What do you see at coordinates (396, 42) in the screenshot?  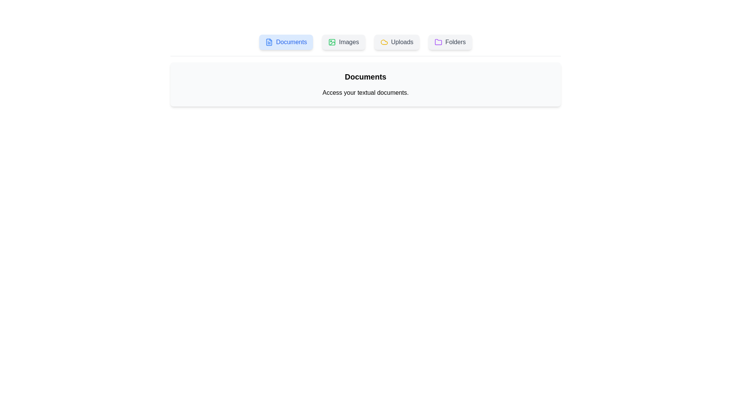 I see `the 'Uploads' tab to view its content` at bounding box center [396, 42].